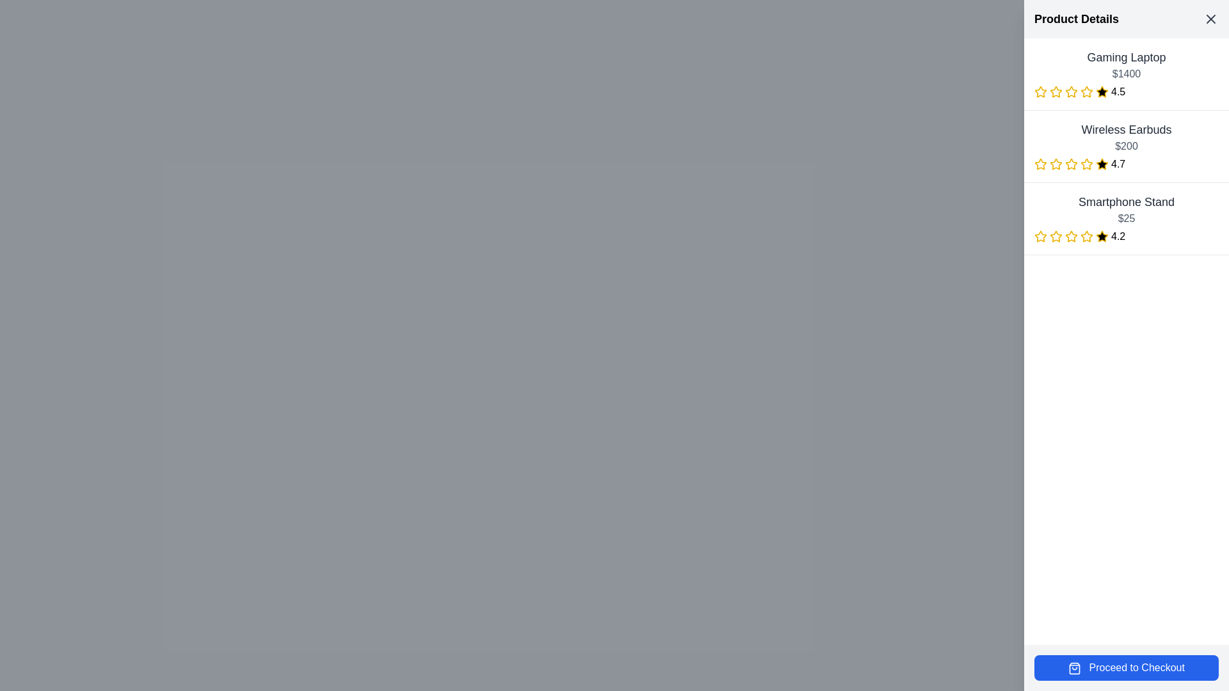  I want to click on the shopping bag or cart icon located to the left of the 'Proceed to Checkout' button, as it is the first inline element of its children, so click(1075, 667).